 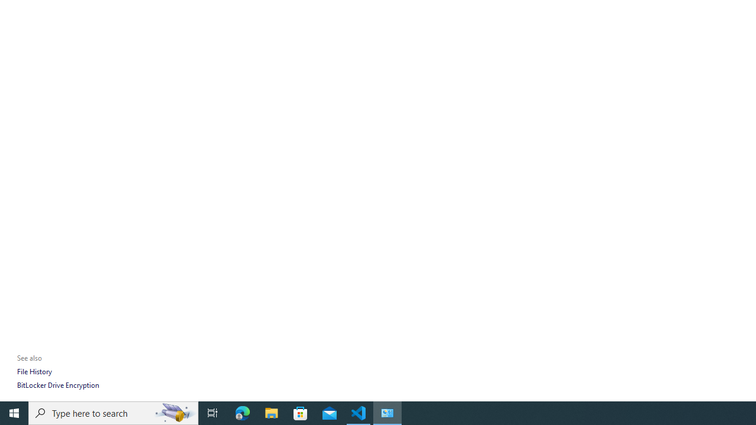 What do you see at coordinates (34, 371) in the screenshot?
I see `'File History'` at bounding box center [34, 371].